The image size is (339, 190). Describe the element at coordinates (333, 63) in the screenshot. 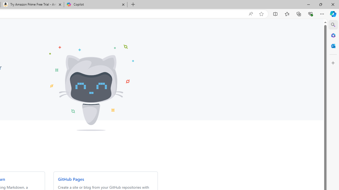

I see `'Customize'` at that location.